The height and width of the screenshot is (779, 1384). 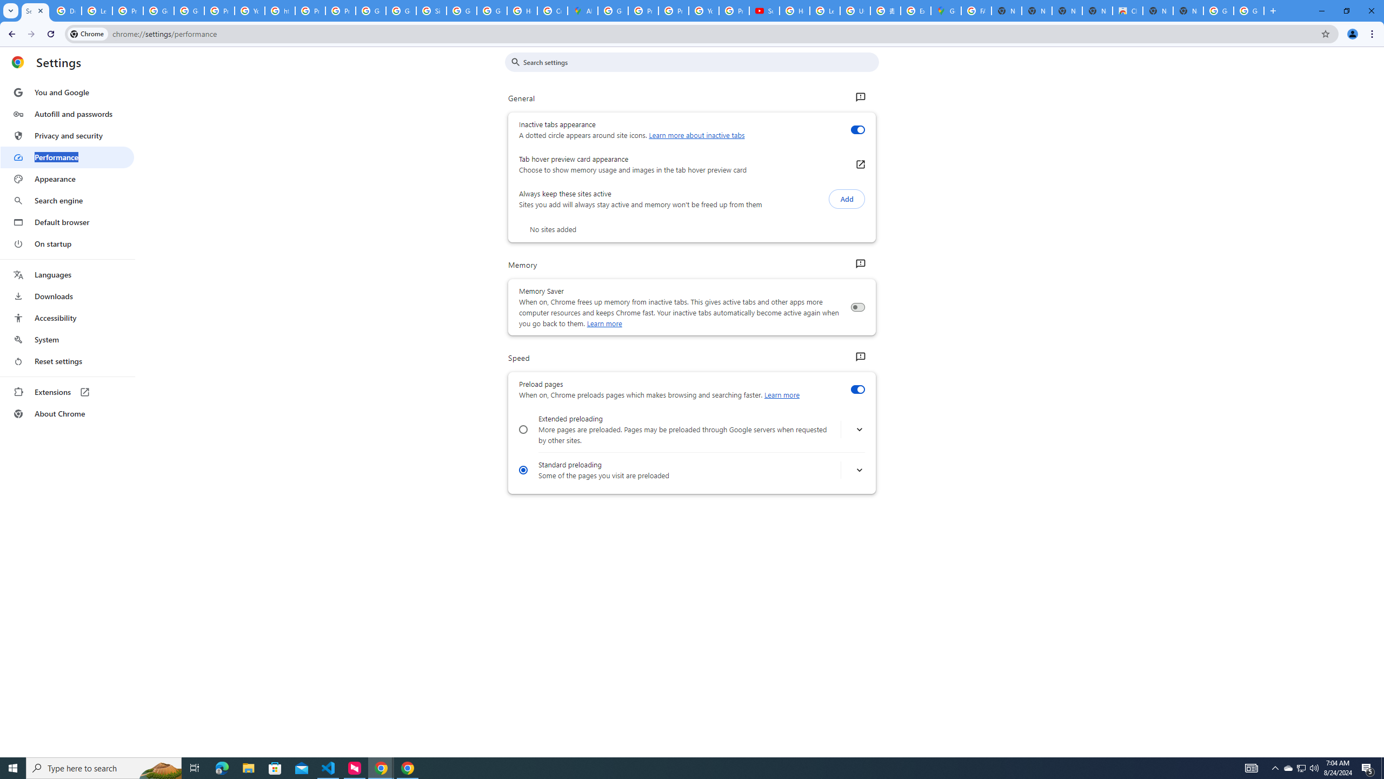 I want to click on 'Add to the "always keep these sites active" list', so click(x=846, y=199).